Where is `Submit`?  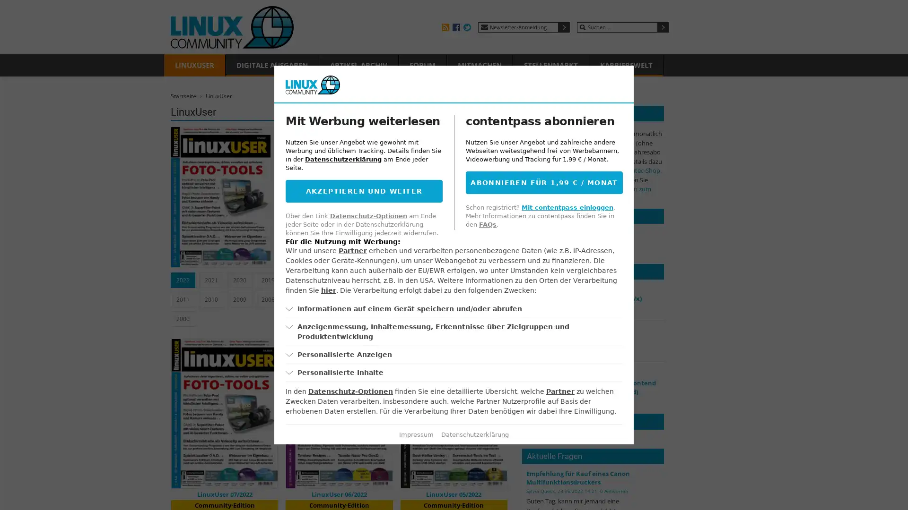
Submit is located at coordinates (564, 26).